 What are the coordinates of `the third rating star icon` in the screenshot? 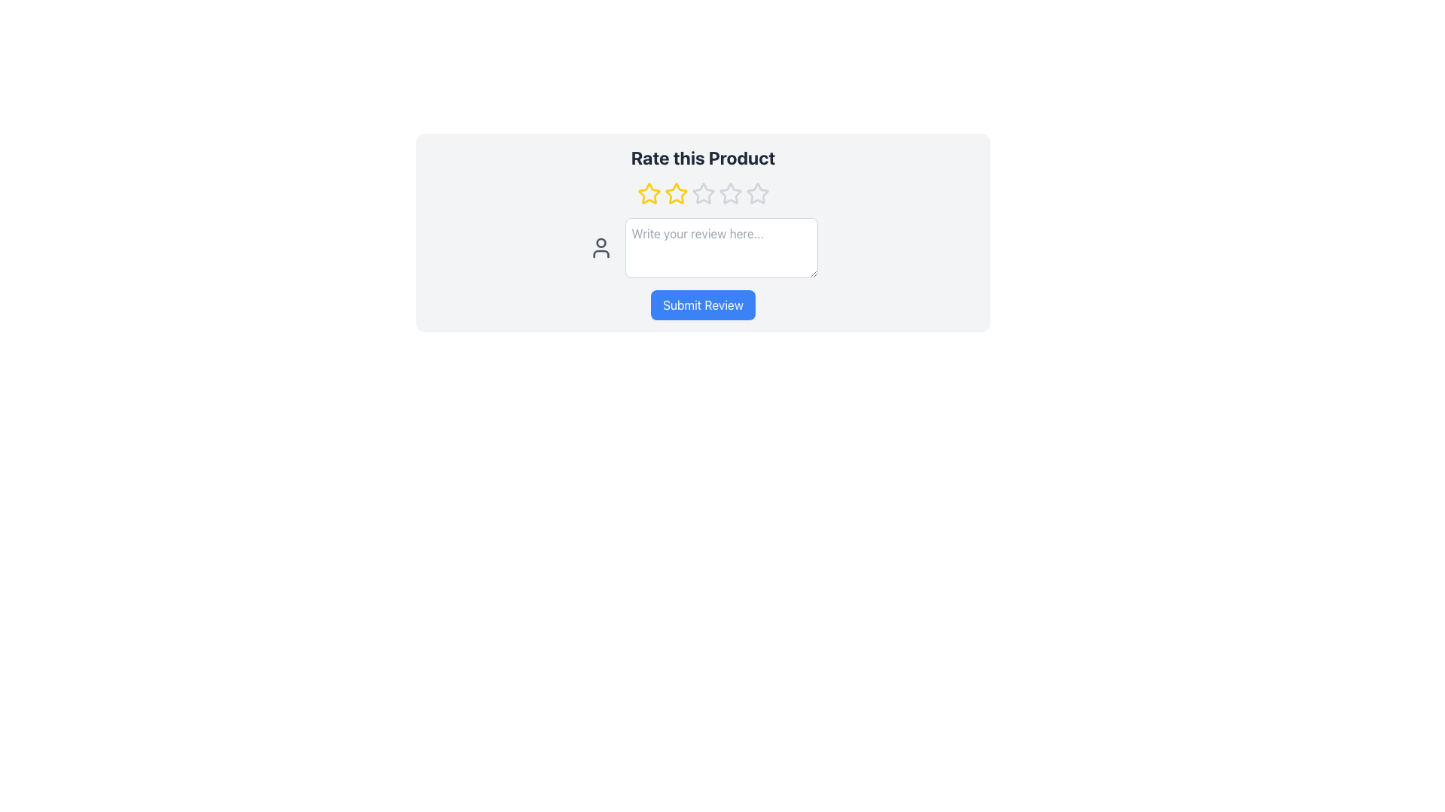 It's located at (702, 192).